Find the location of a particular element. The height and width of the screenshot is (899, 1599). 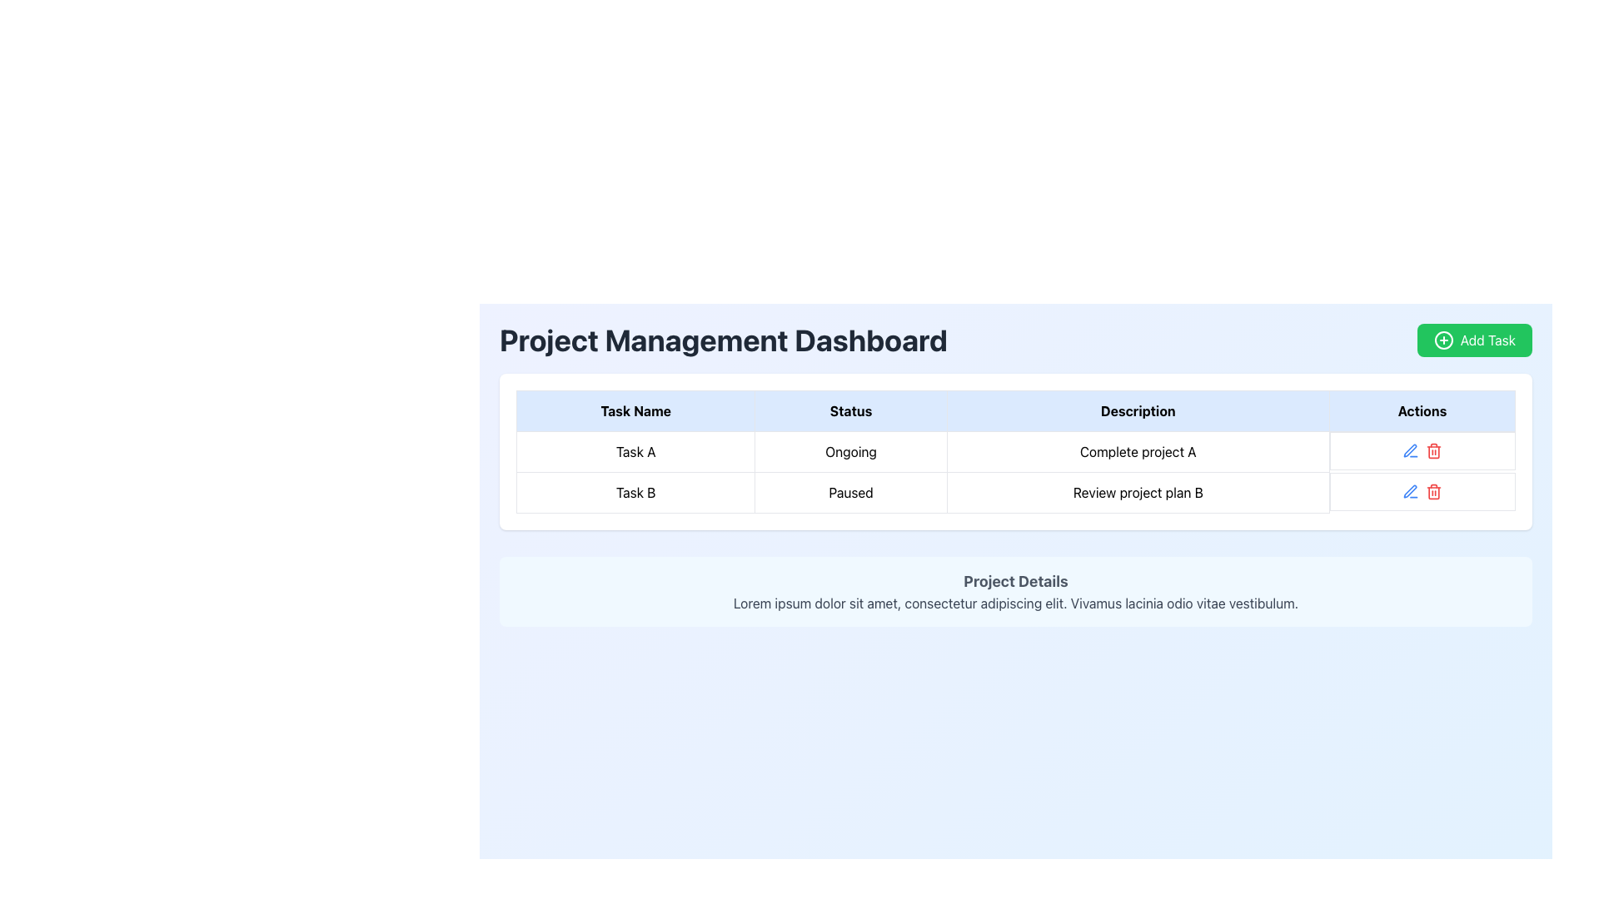

the 'Status' text label in the header row of the table, which is displayed in bold black font and is located between 'Task Name' and 'Description' is located at coordinates (851, 410).